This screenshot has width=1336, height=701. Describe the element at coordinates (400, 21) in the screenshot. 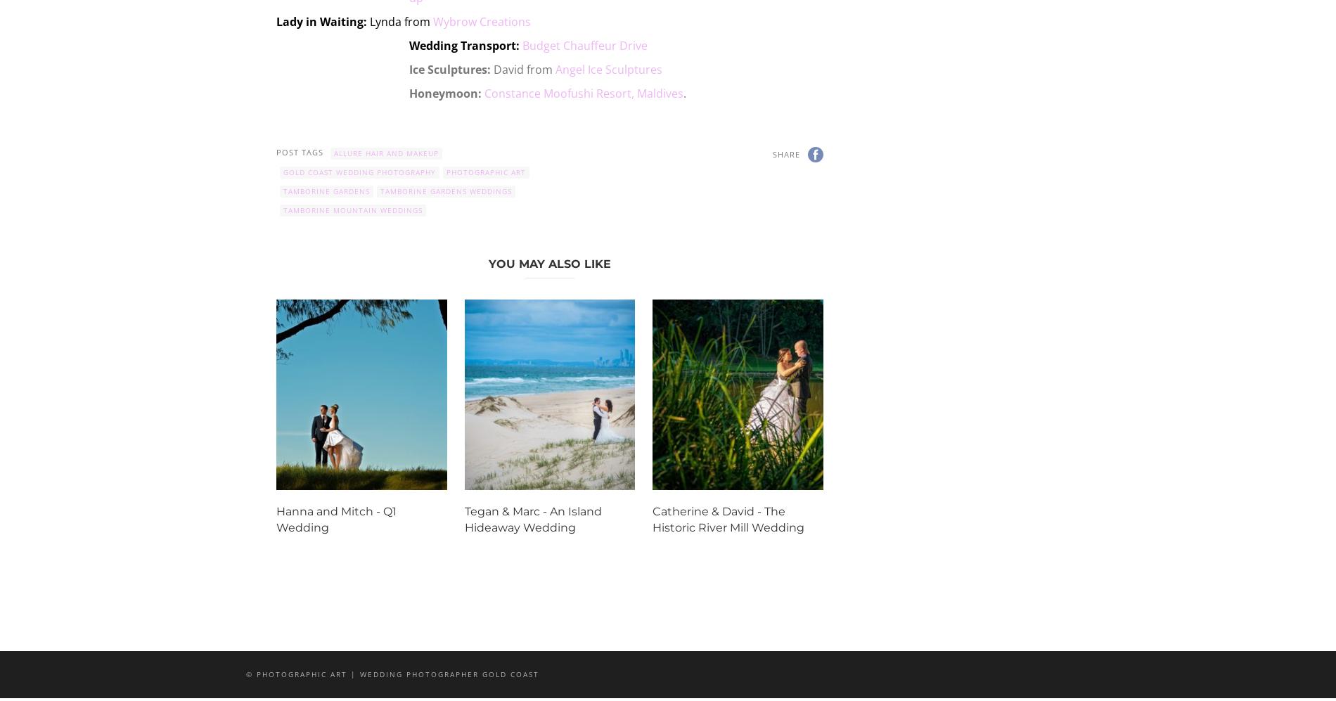

I see `'Lynda from'` at that location.